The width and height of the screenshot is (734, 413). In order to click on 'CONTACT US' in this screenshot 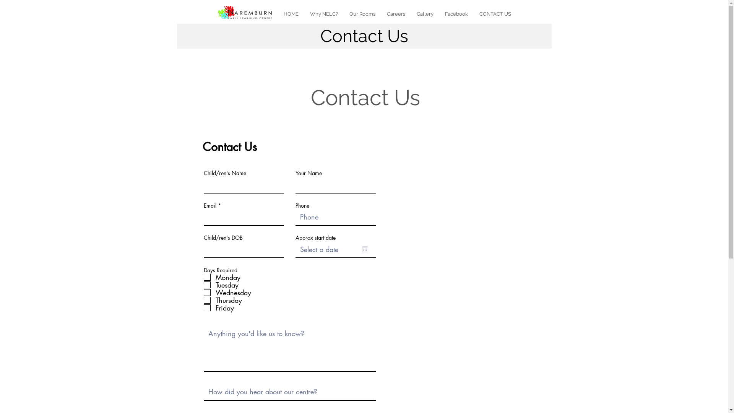, I will do `click(495, 14)`.